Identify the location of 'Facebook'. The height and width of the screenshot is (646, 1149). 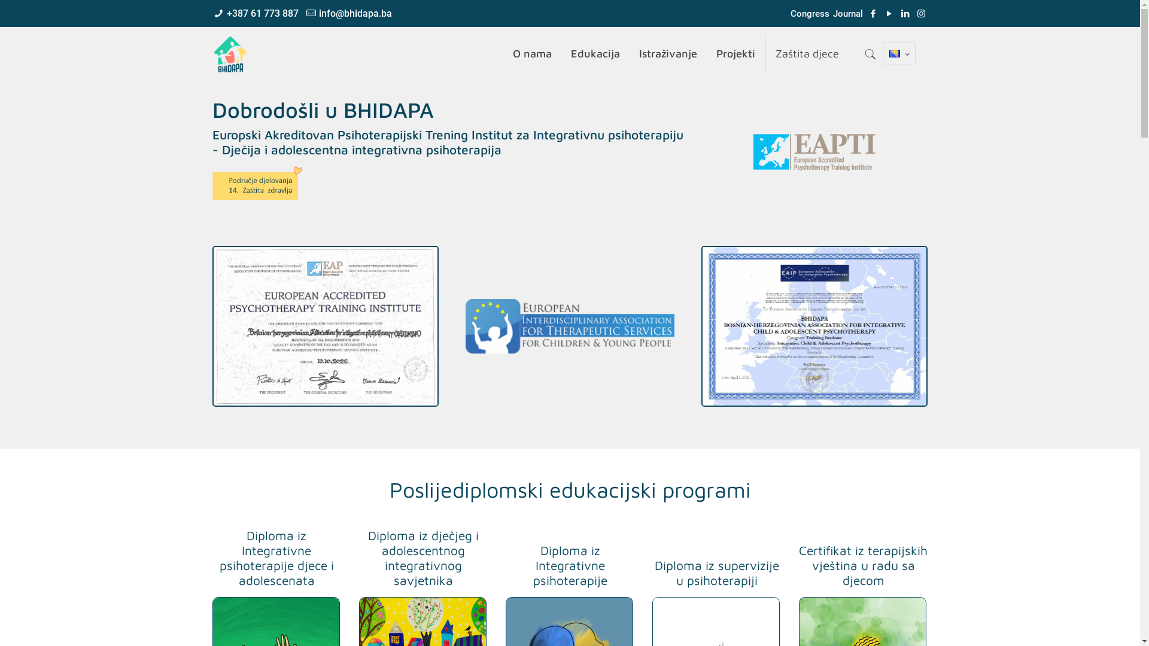
(867, 14).